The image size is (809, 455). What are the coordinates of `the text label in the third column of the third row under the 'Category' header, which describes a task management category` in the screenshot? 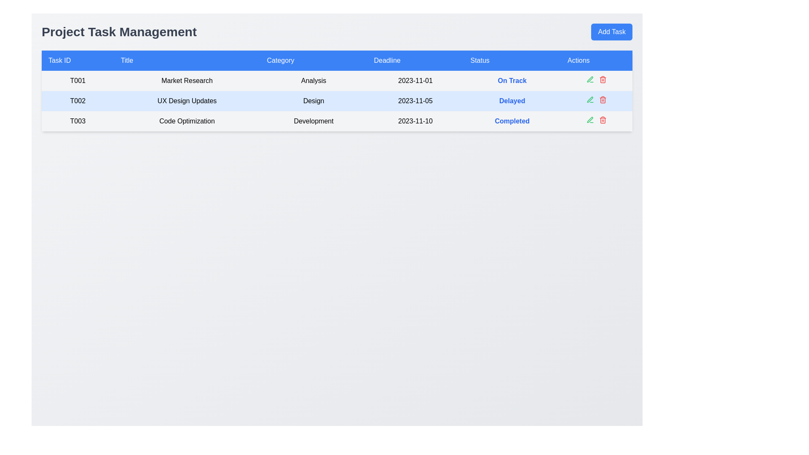 It's located at (313, 121).